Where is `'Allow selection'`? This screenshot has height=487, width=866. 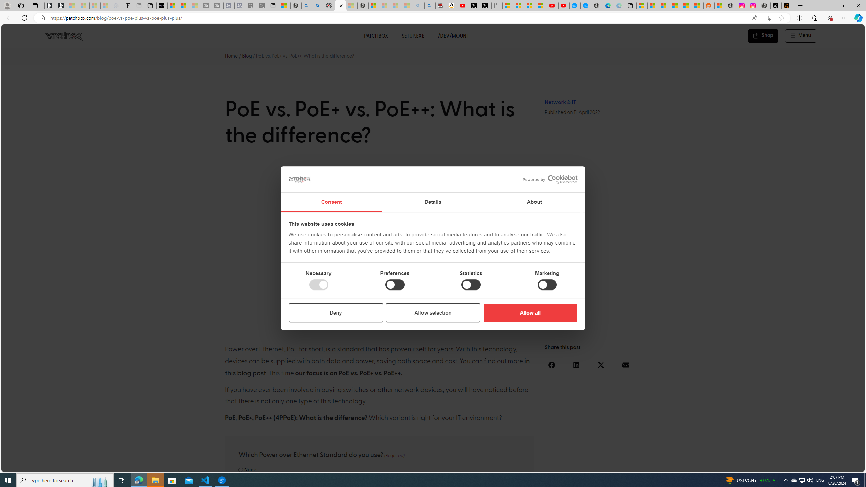
'Allow selection' is located at coordinates (433, 312).